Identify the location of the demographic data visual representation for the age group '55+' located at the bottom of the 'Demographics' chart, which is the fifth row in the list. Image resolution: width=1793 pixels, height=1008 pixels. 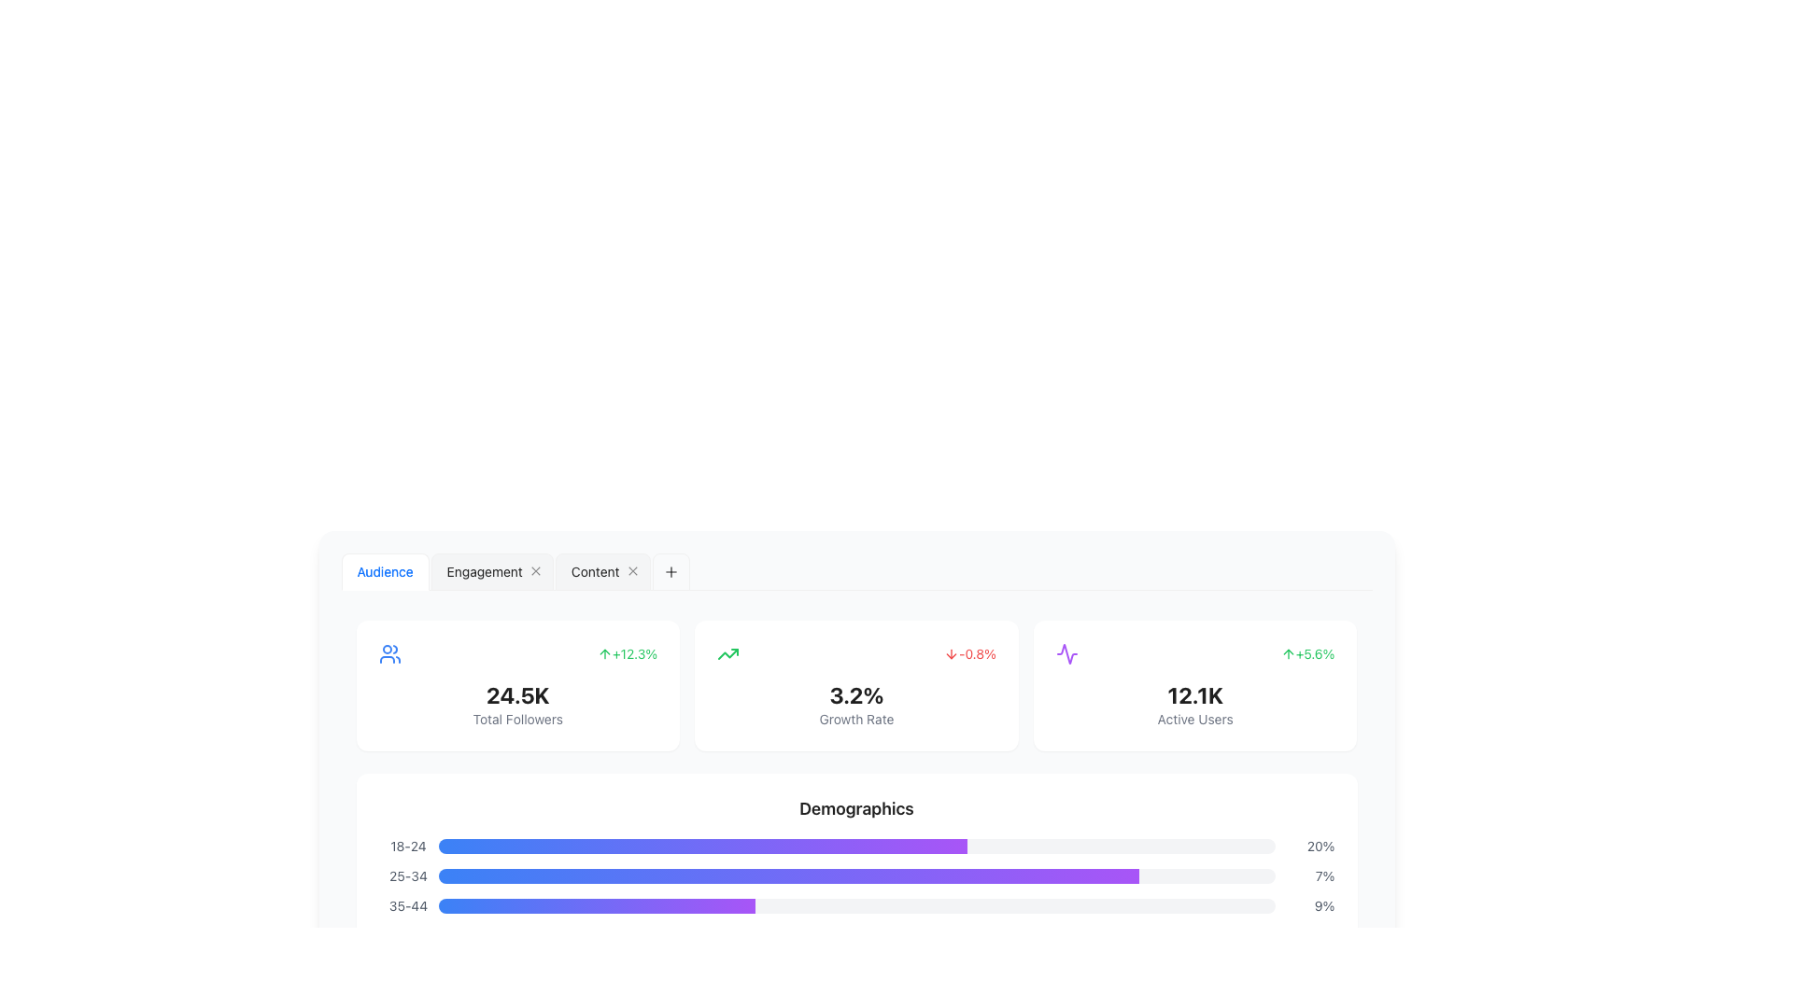
(855, 965).